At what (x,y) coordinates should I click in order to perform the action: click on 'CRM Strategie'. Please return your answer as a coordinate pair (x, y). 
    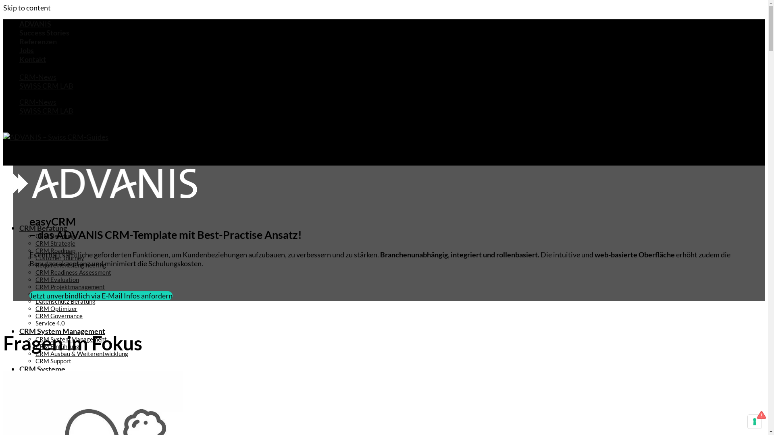
    Looking at the image, I should click on (35, 243).